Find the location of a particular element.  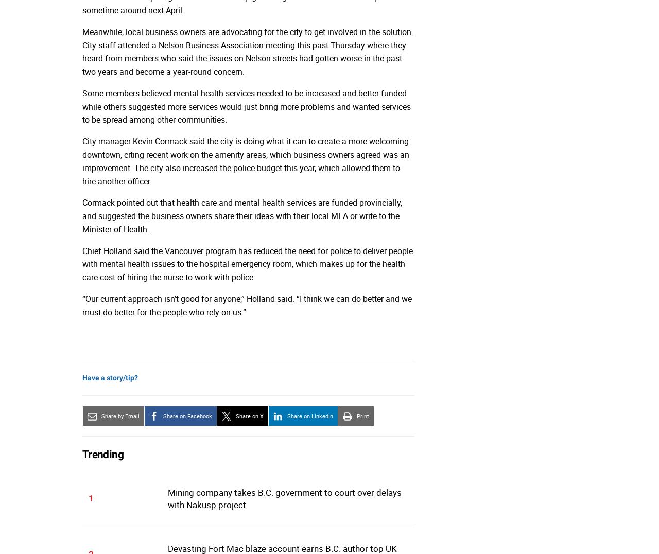

'Print' is located at coordinates (363, 415).